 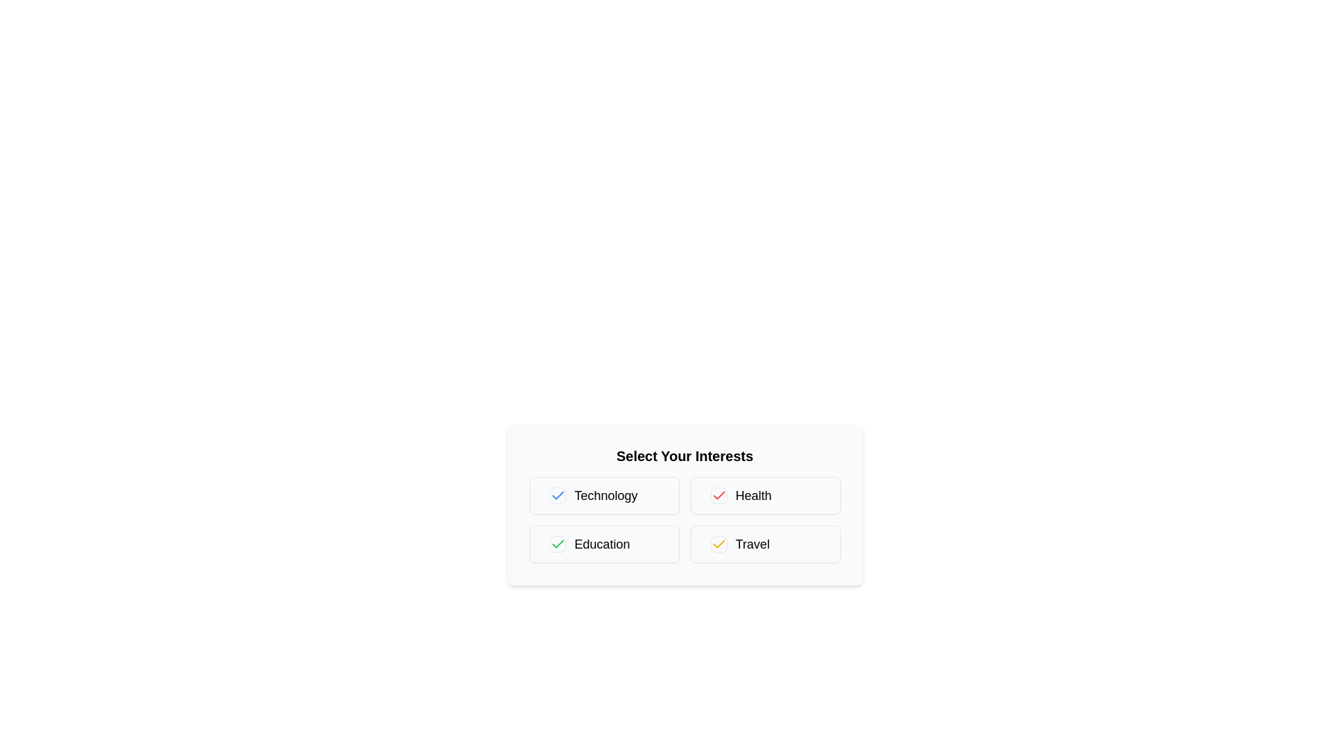 What do you see at coordinates (719, 543) in the screenshot?
I see `the checkbox for 'Travel' to toggle its selection state` at bounding box center [719, 543].